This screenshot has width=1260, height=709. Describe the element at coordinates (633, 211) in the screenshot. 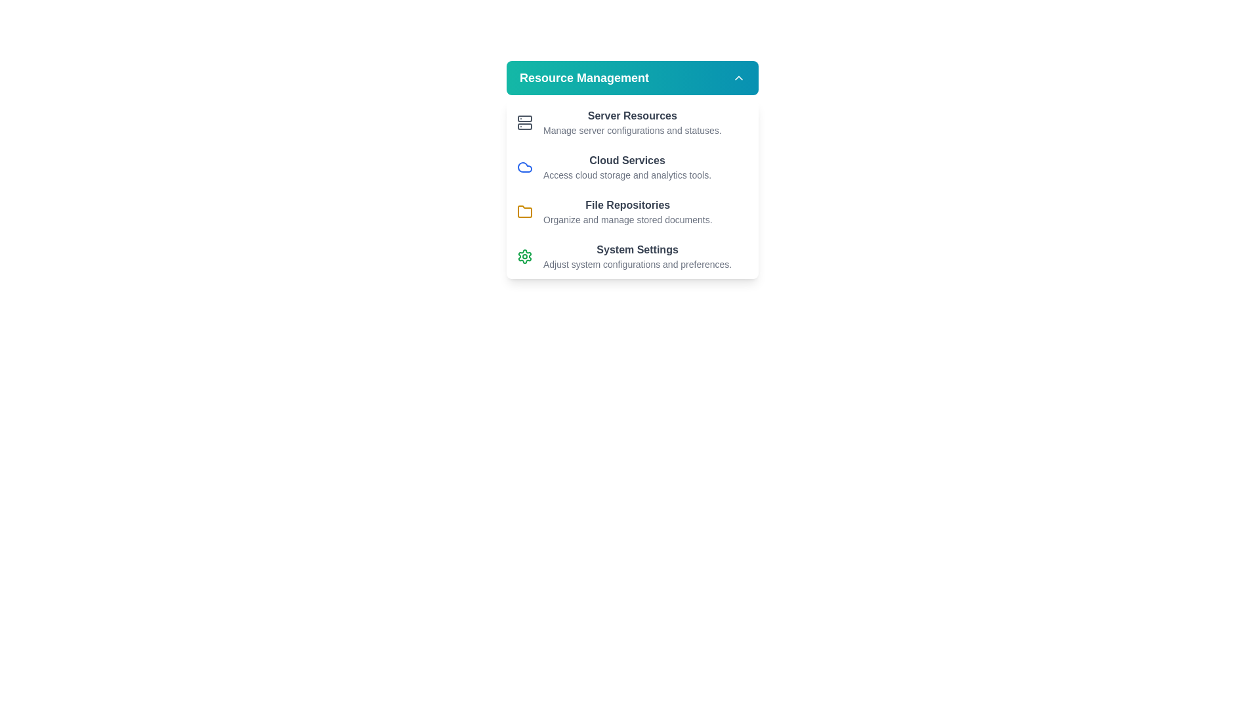

I see `the third item in the vertical list under 'Resource Management' labeled 'File Repositories', which features a yellow folder icon and descriptive text` at that location.